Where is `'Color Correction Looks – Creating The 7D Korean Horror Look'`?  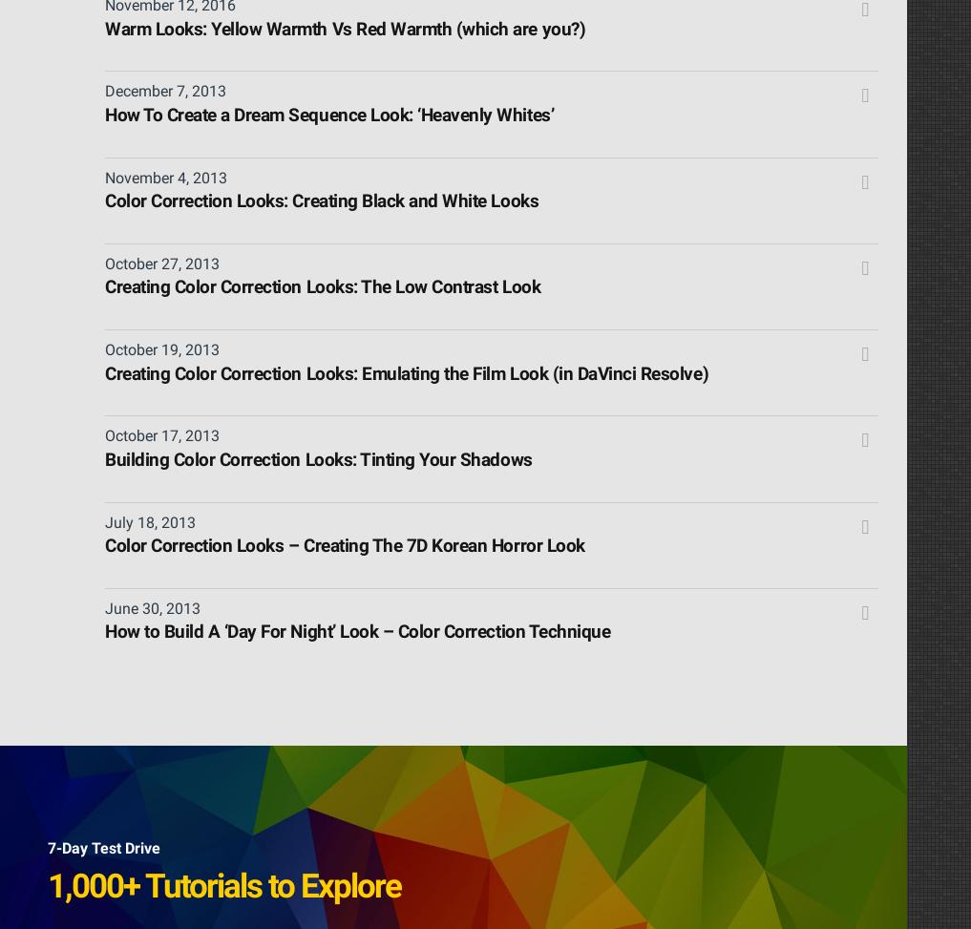
'Color Correction Looks – Creating The 7D Korean Horror Look' is located at coordinates (344, 545).